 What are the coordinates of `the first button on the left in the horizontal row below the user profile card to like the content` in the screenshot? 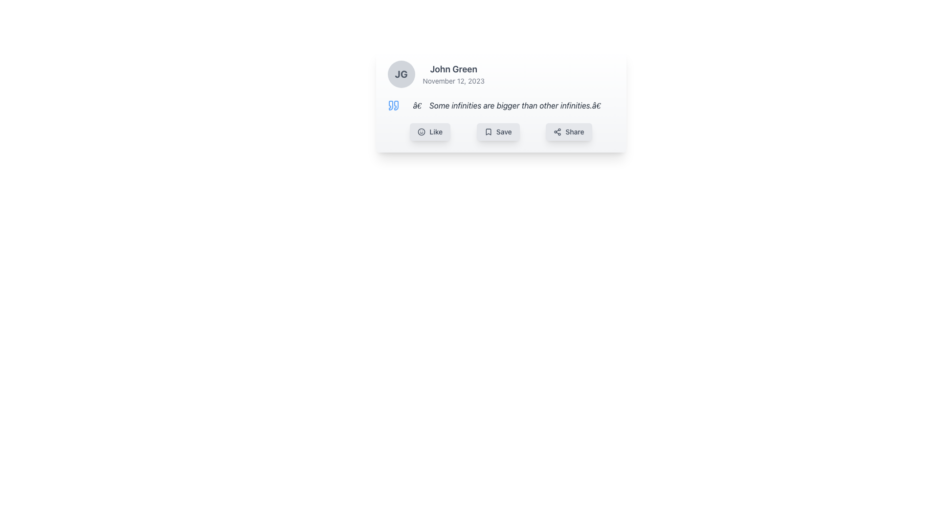 It's located at (430, 132).